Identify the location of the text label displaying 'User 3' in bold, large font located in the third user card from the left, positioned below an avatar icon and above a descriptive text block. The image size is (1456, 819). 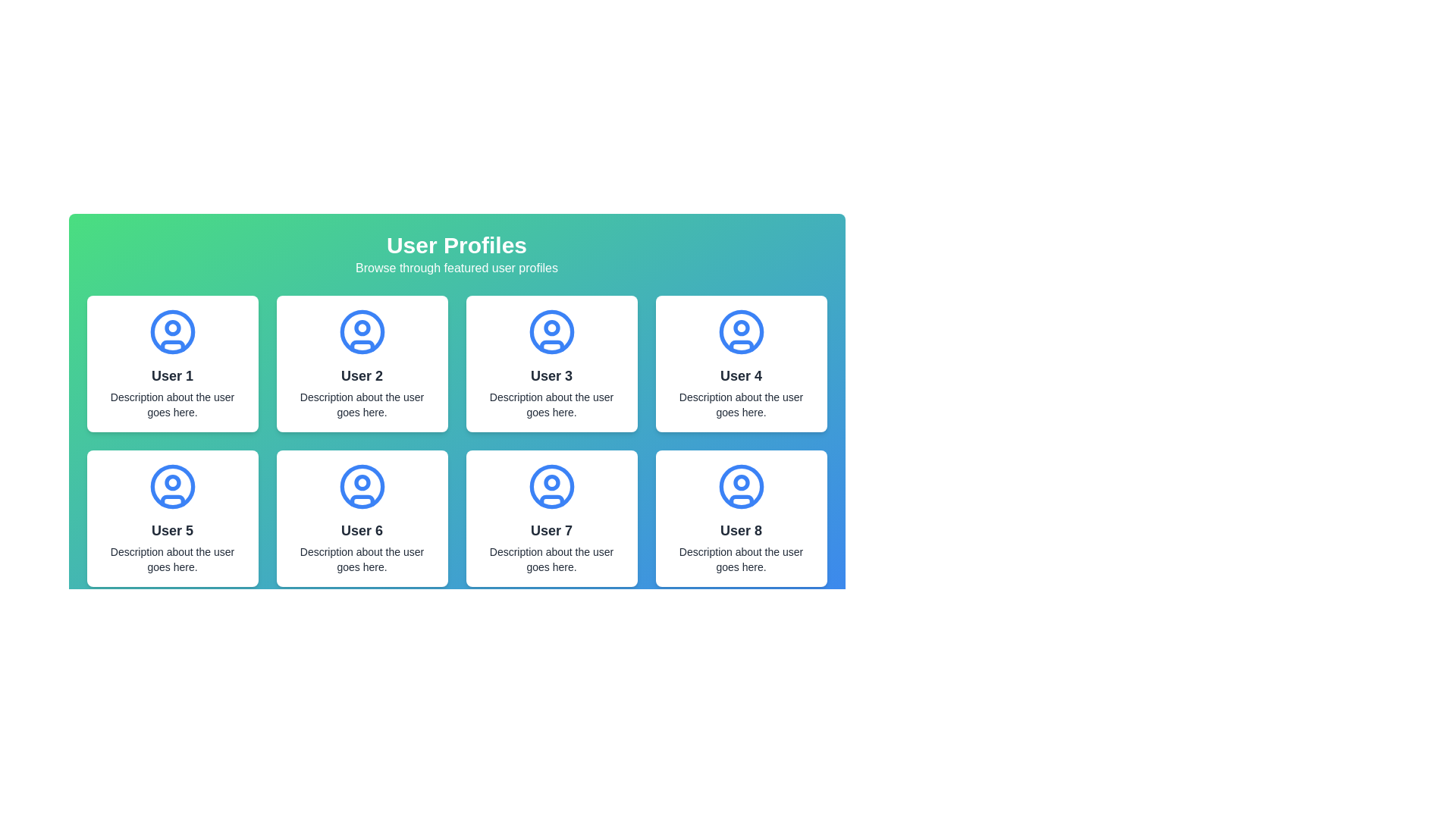
(551, 375).